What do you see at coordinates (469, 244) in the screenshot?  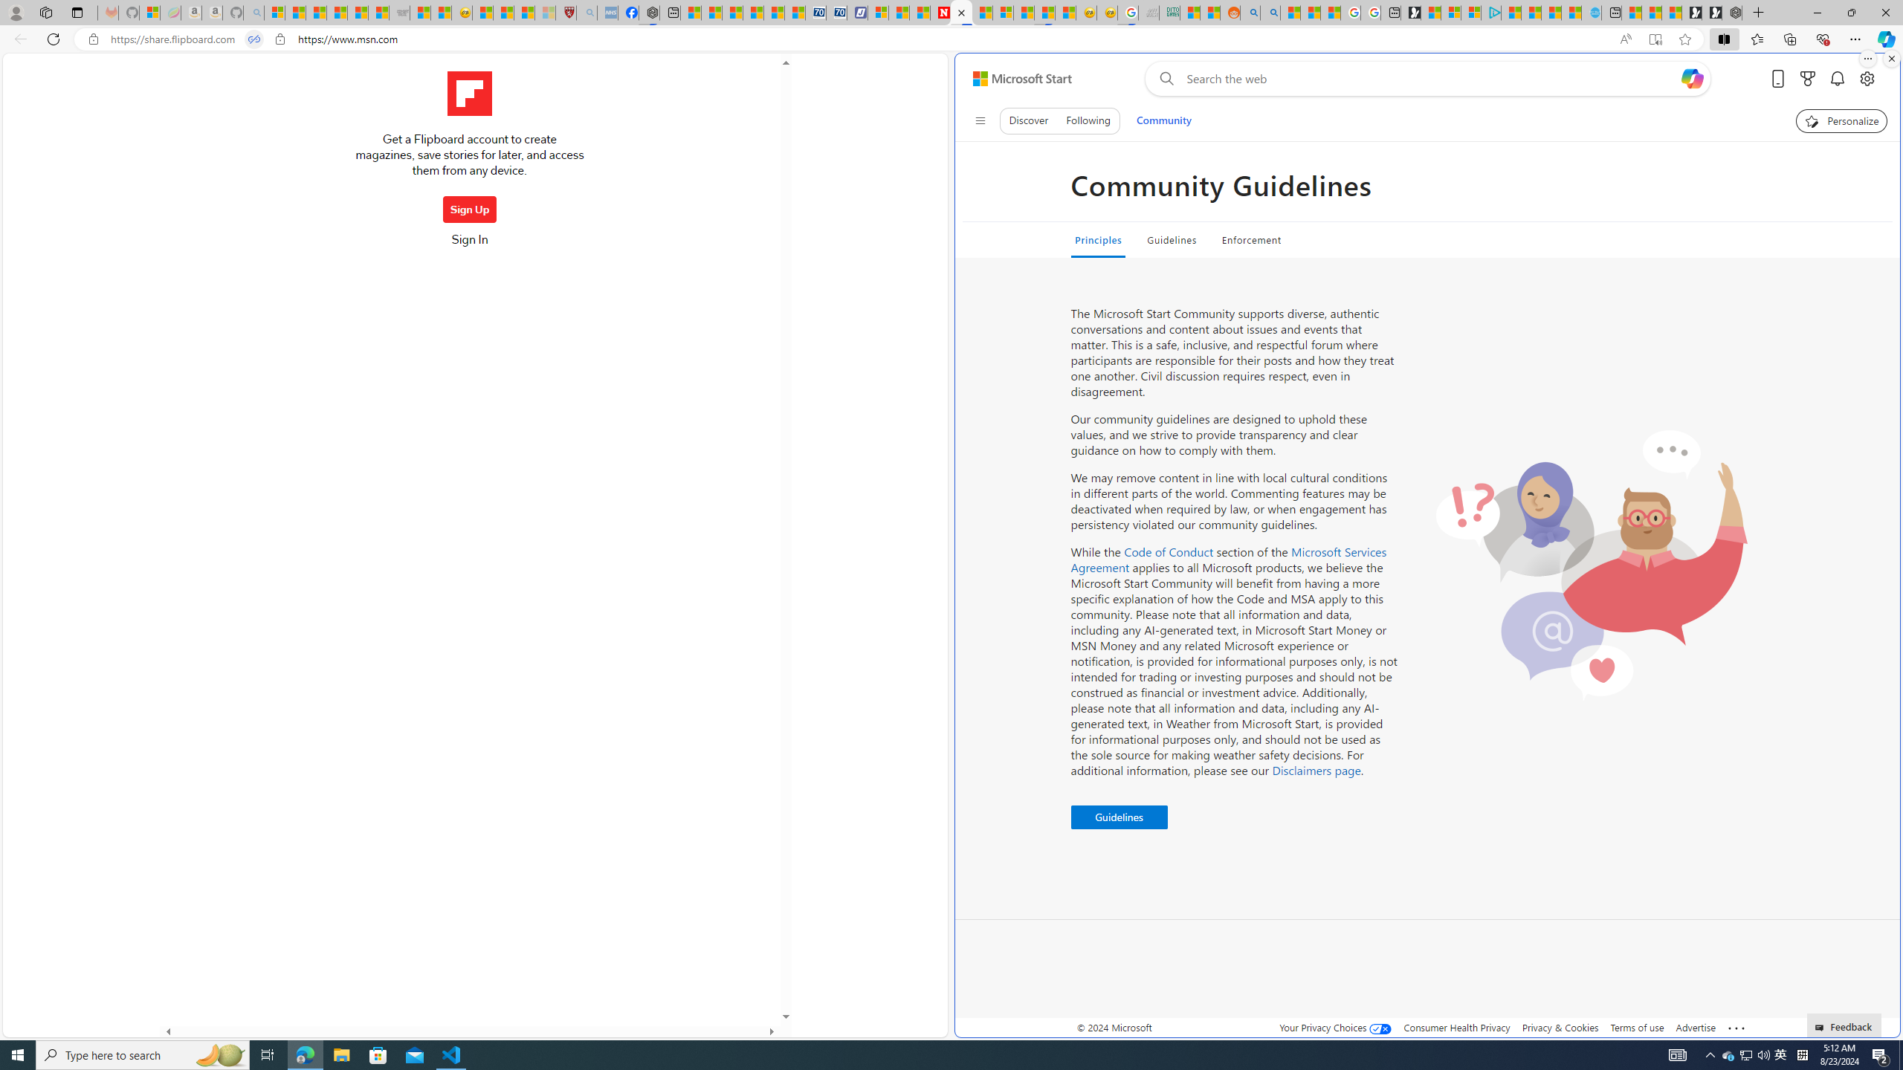 I see `'Sign In'` at bounding box center [469, 244].